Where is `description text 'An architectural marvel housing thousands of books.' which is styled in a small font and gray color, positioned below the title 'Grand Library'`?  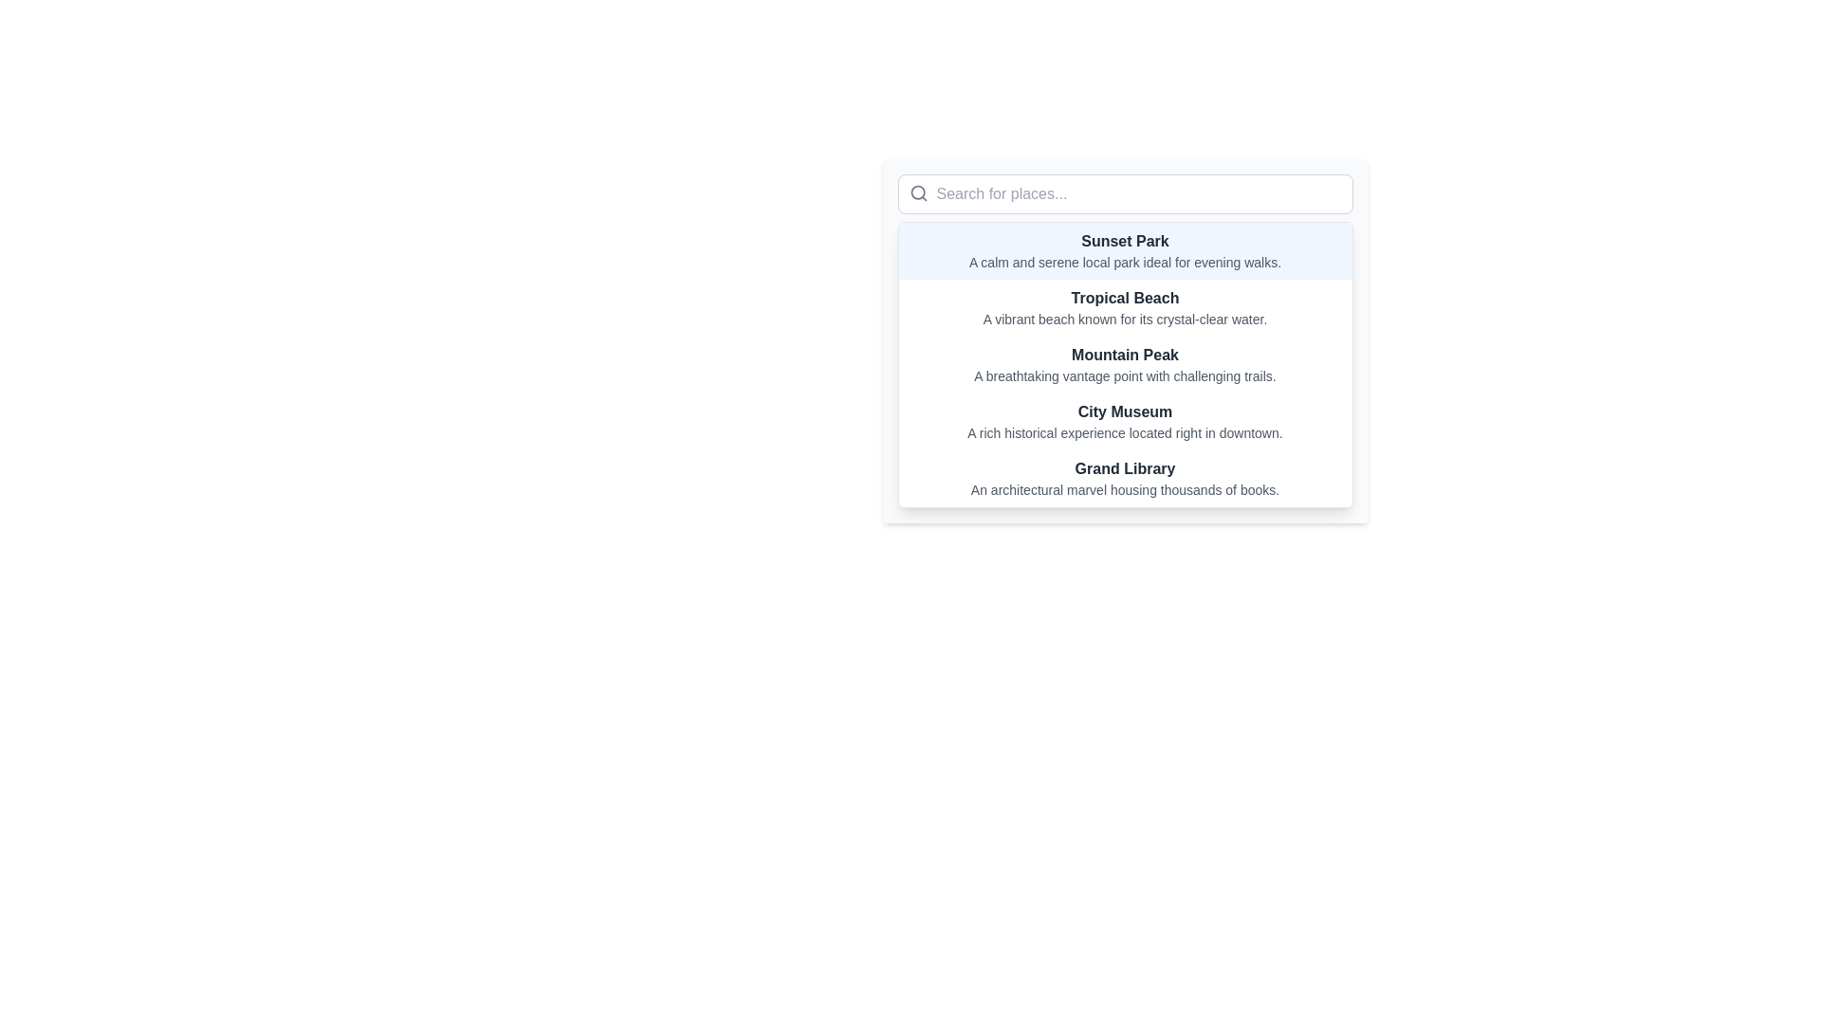 description text 'An architectural marvel housing thousands of books.' which is styled in a small font and gray color, positioned below the title 'Grand Library' is located at coordinates (1125, 488).